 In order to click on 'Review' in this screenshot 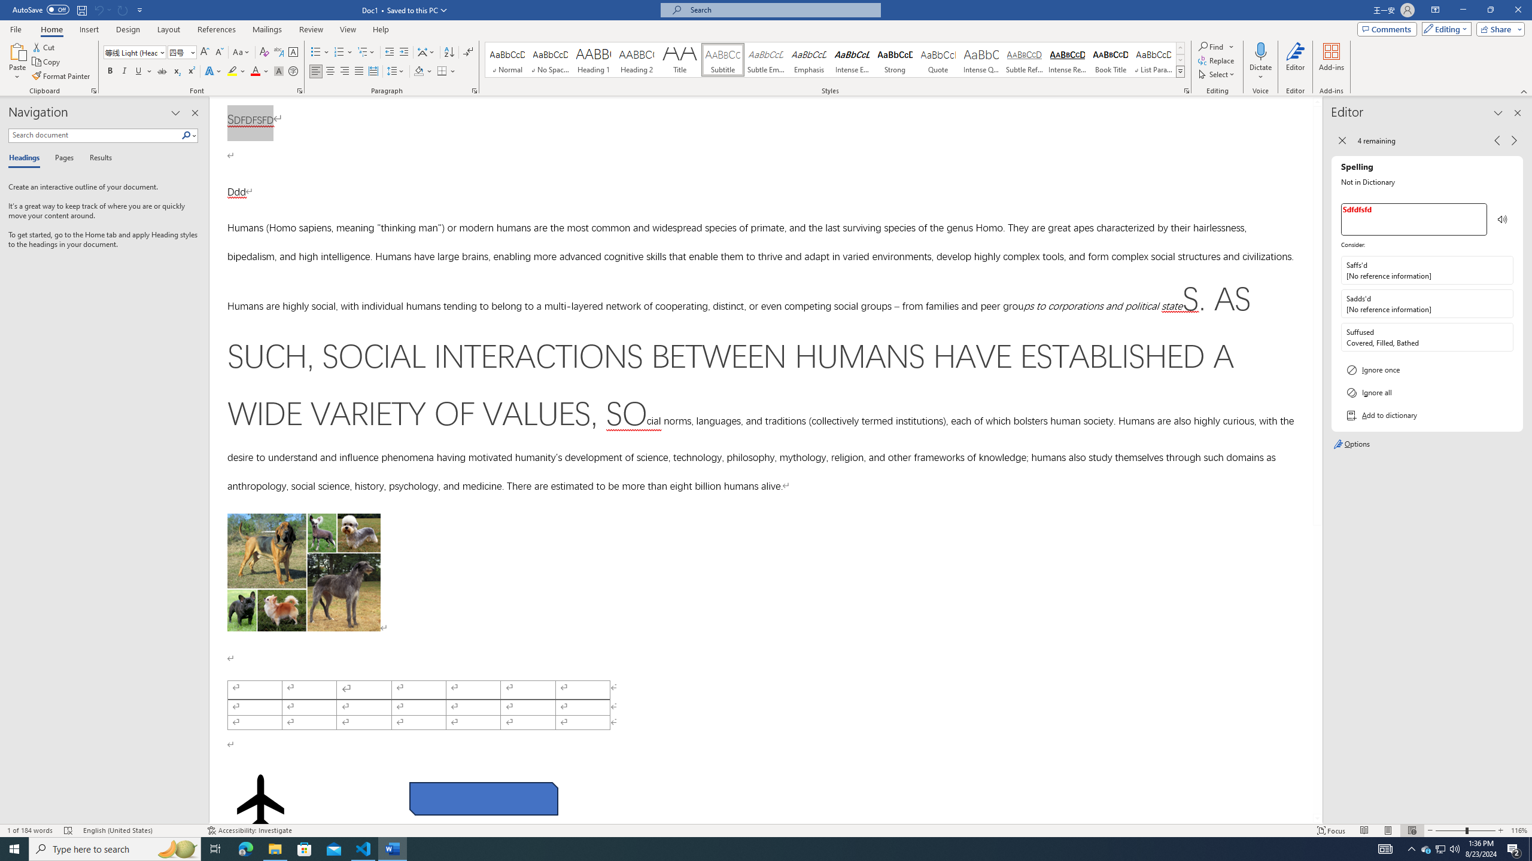, I will do `click(310, 29)`.